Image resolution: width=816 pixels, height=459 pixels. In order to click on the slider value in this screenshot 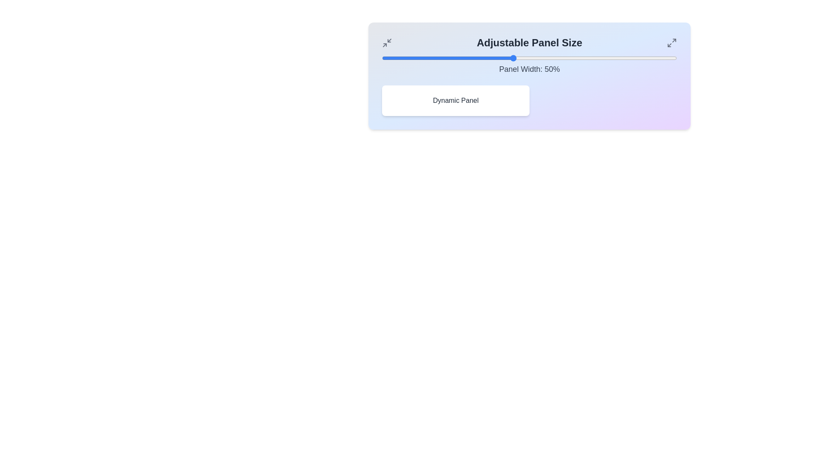, I will do `click(401, 58)`.